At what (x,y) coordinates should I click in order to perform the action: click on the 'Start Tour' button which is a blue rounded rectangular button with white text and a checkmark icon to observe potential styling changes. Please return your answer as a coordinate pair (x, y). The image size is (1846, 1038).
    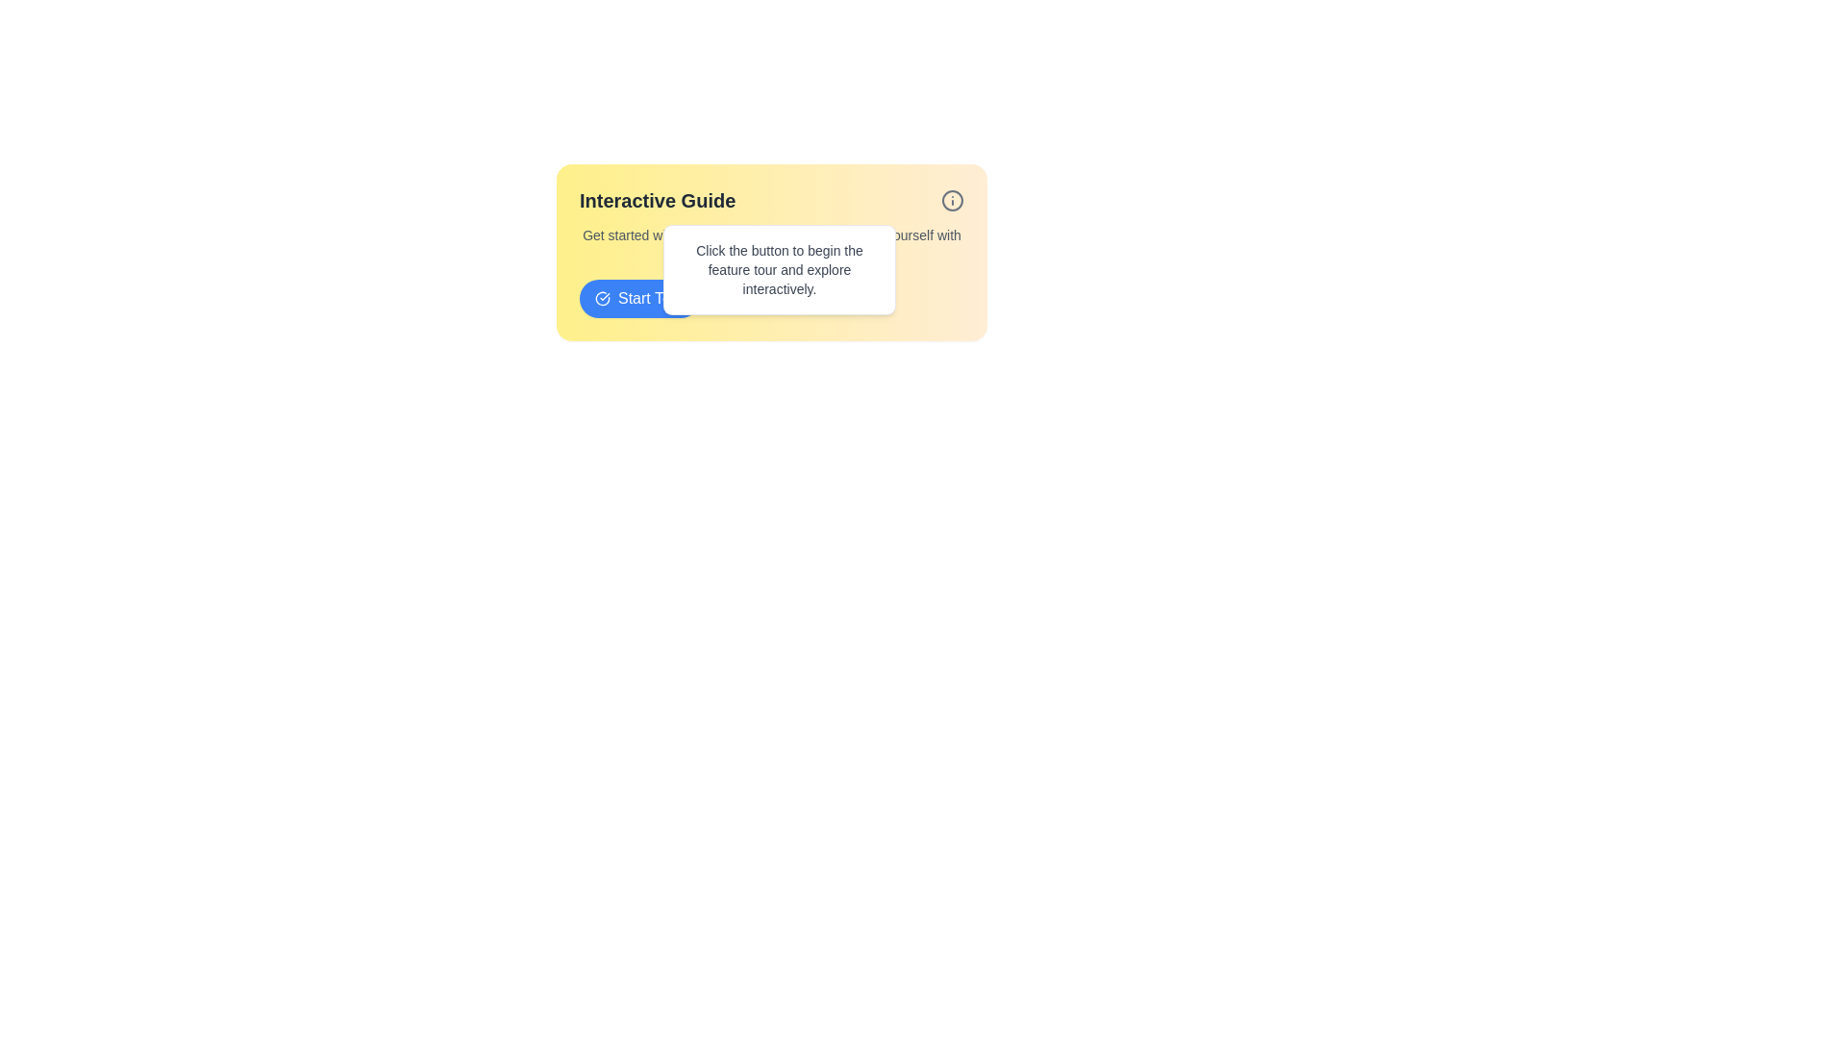
    Looking at the image, I should click on (639, 299).